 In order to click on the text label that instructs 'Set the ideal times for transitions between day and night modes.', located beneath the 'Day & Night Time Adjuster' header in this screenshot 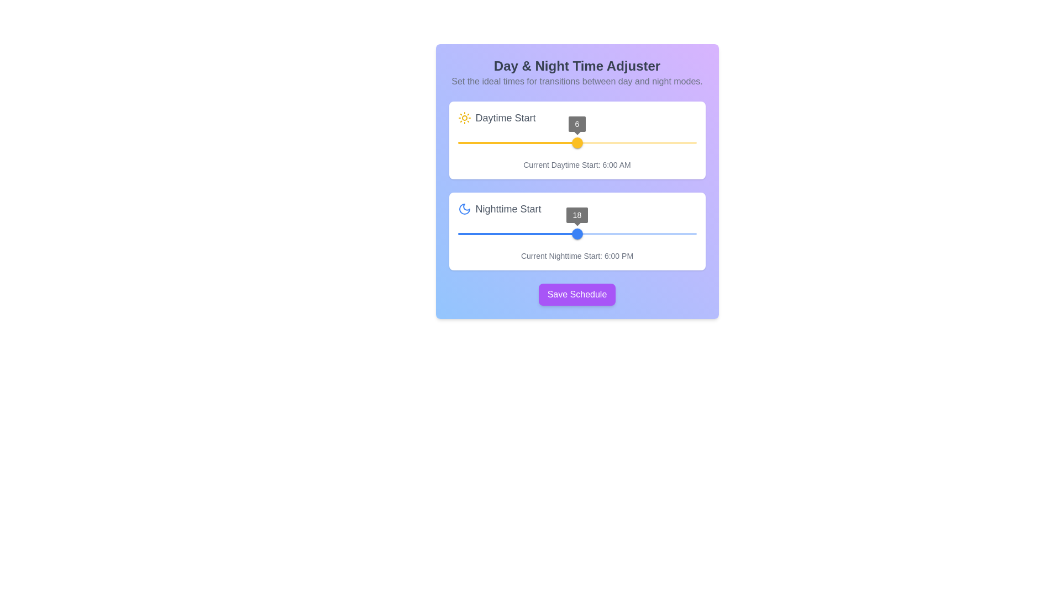, I will do `click(576, 81)`.